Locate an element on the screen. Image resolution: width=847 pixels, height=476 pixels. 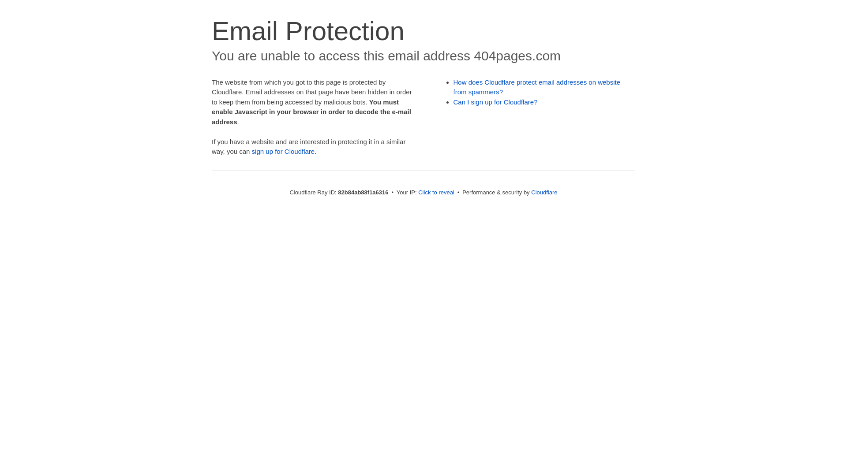
'Cloudflare' is located at coordinates (531, 192).